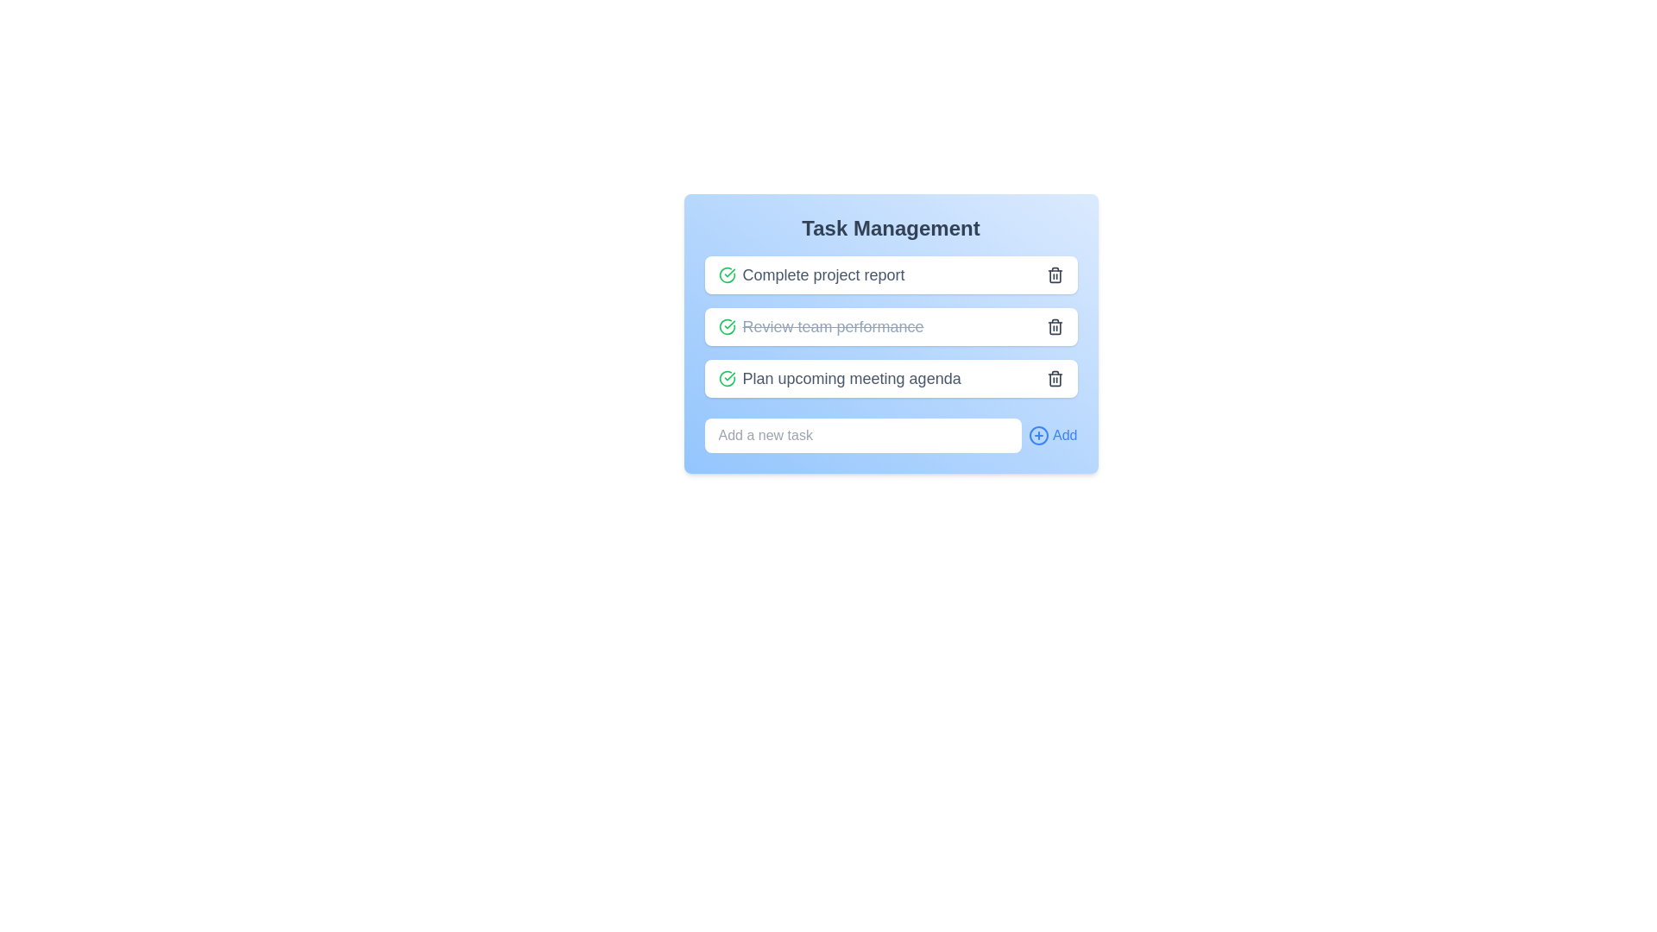  I want to click on the button with the icon, so click(1038, 435).